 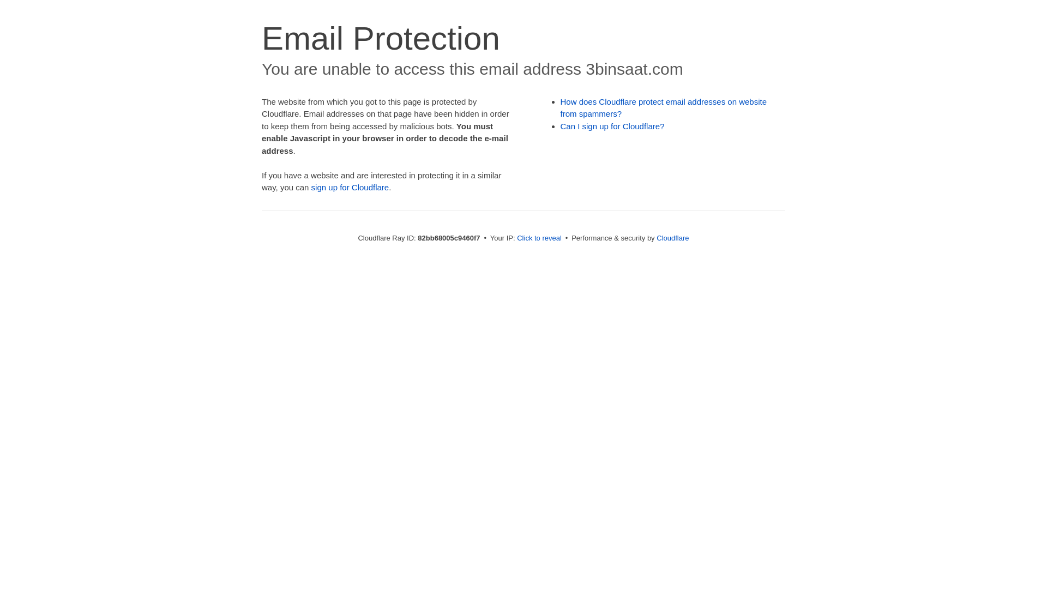 What do you see at coordinates (672, 237) in the screenshot?
I see `'Cloudflare'` at bounding box center [672, 237].